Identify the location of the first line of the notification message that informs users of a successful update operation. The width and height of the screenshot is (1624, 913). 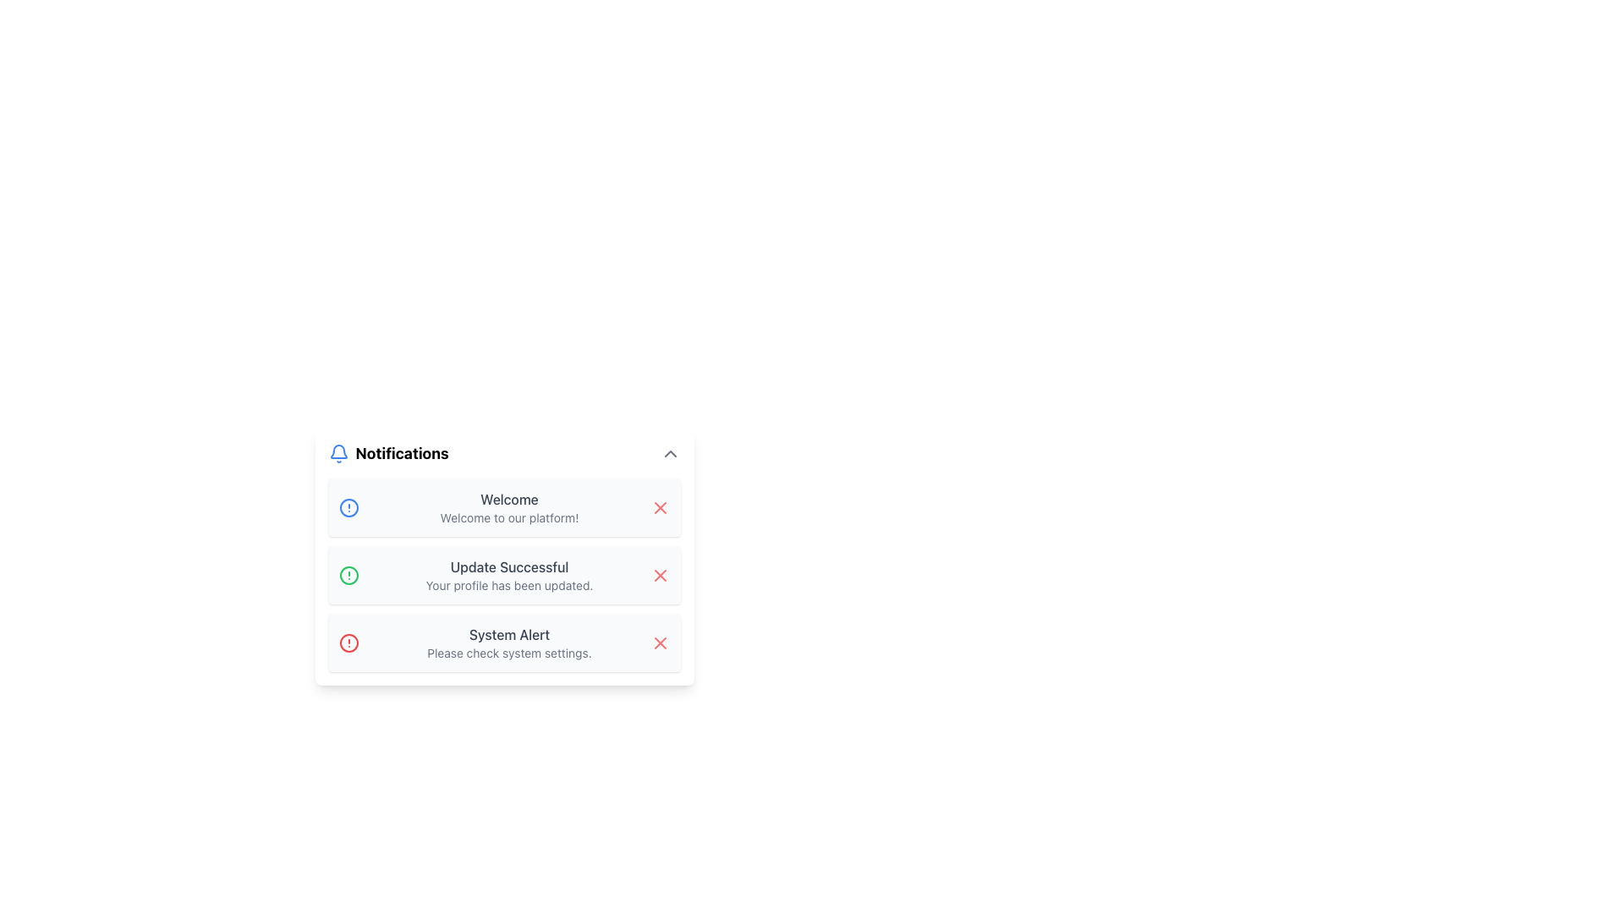
(508, 567).